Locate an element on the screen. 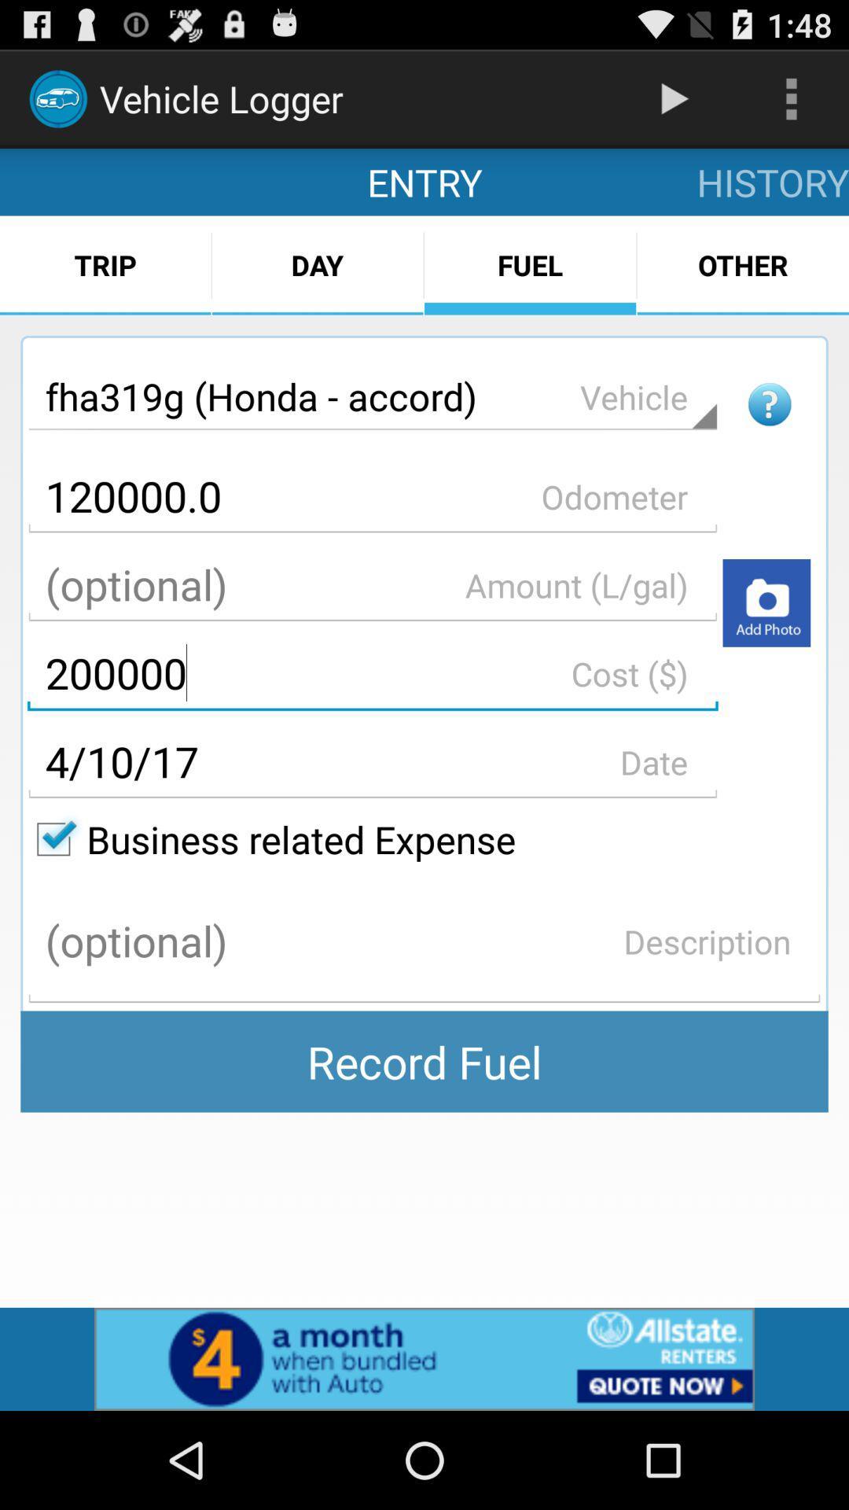  photo is located at coordinates (766, 602).